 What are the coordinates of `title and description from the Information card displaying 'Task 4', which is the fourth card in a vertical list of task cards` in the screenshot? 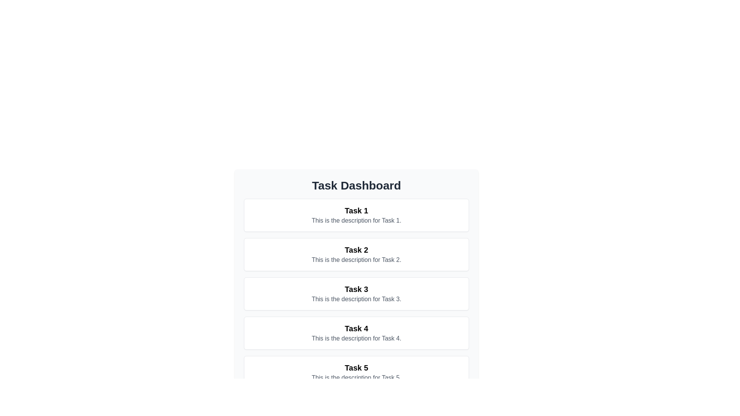 It's located at (356, 332).